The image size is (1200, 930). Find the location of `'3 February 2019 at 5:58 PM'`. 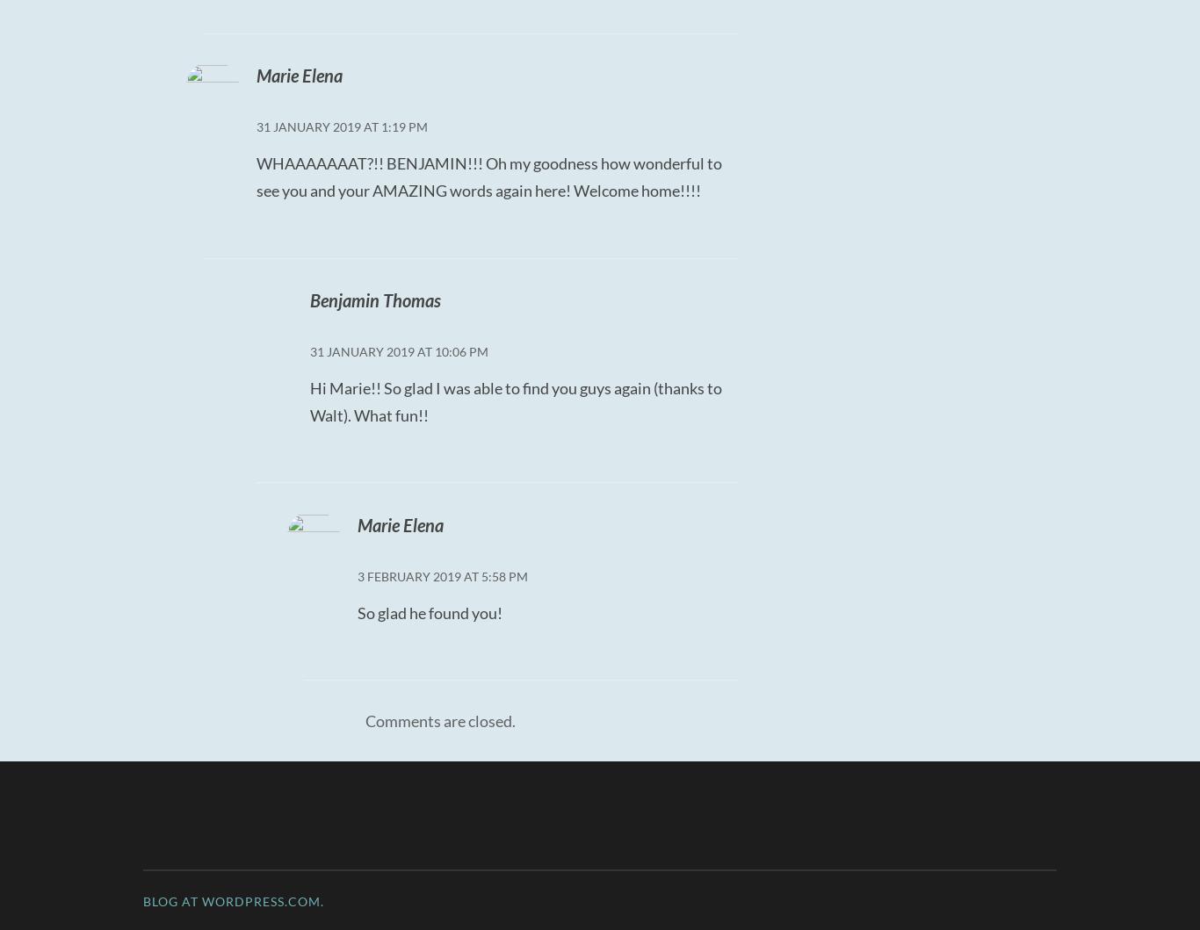

'3 February 2019 at 5:58 PM' is located at coordinates (357, 575).